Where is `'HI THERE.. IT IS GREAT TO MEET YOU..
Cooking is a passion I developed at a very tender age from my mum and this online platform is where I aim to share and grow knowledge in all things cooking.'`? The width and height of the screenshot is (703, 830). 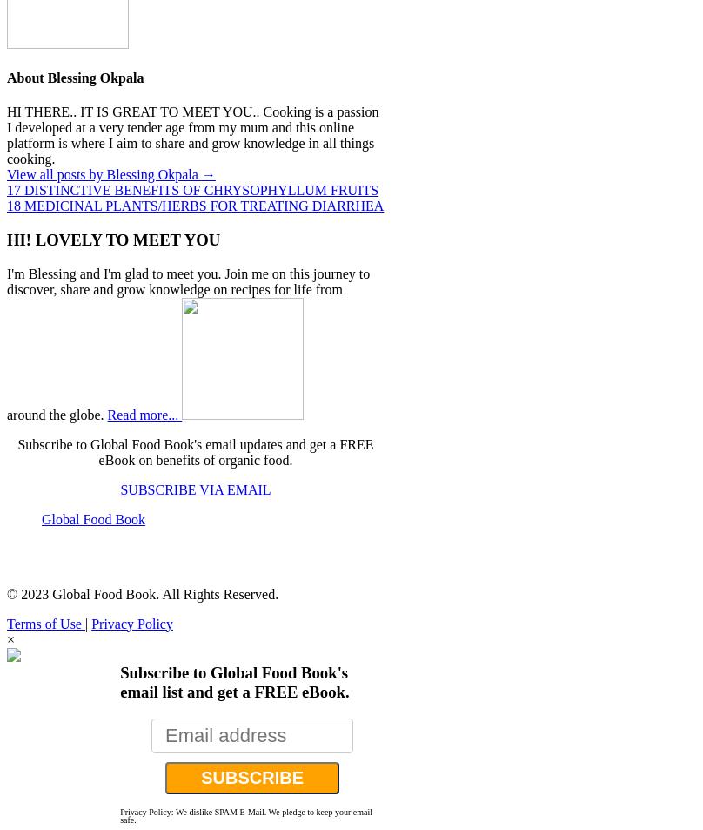
'HI THERE.. IT IS GREAT TO MEET YOU..
Cooking is a passion I developed at a very tender age from my mum and this online platform is where I aim to share and grow knowledge in all things cooking.' is located at coordinates (6, 134).